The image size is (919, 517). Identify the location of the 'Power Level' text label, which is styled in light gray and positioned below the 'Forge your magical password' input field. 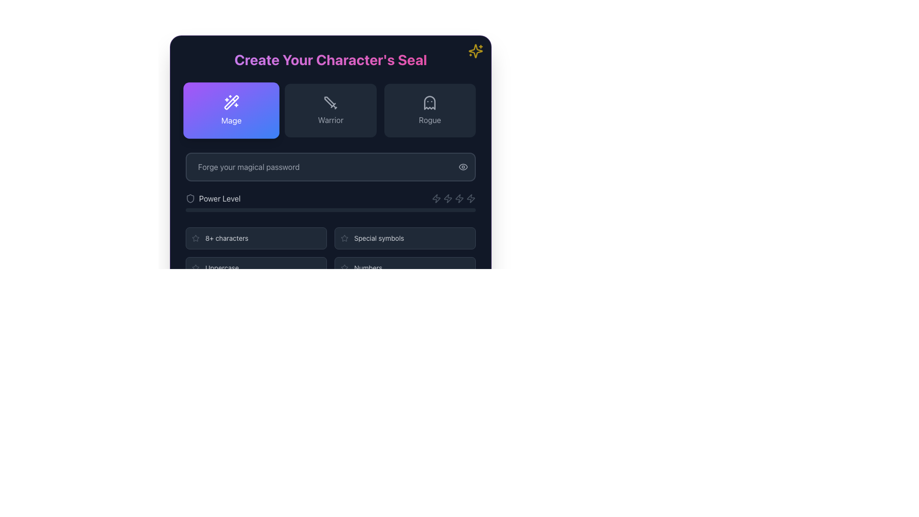
(219, 198).